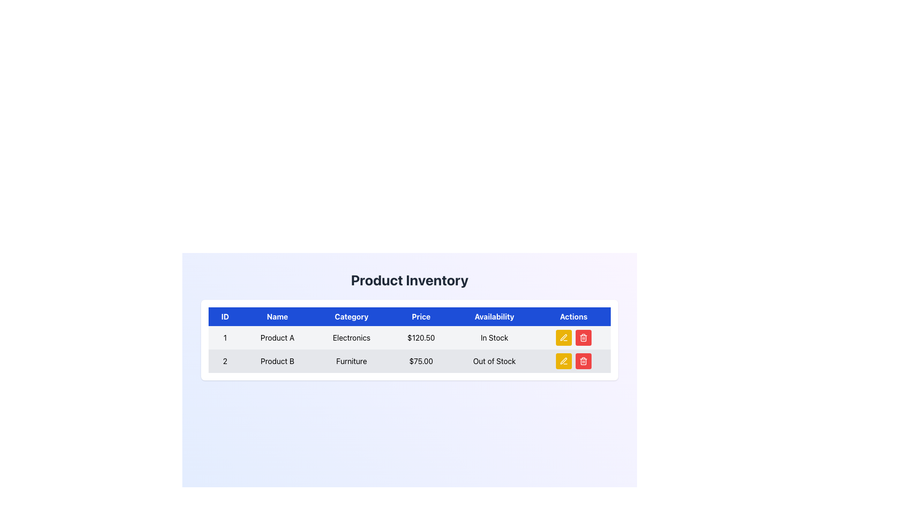  Describe the element at coordinates (420, 338) in the screenshot. I see `the static text label displaying the price value '$120.50' in the 'Price' column of the first row of the product inventory table` at that location.